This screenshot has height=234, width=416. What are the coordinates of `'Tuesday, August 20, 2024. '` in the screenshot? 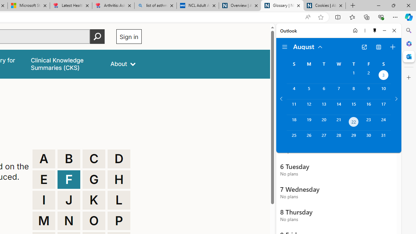 It's located at (324, 123).